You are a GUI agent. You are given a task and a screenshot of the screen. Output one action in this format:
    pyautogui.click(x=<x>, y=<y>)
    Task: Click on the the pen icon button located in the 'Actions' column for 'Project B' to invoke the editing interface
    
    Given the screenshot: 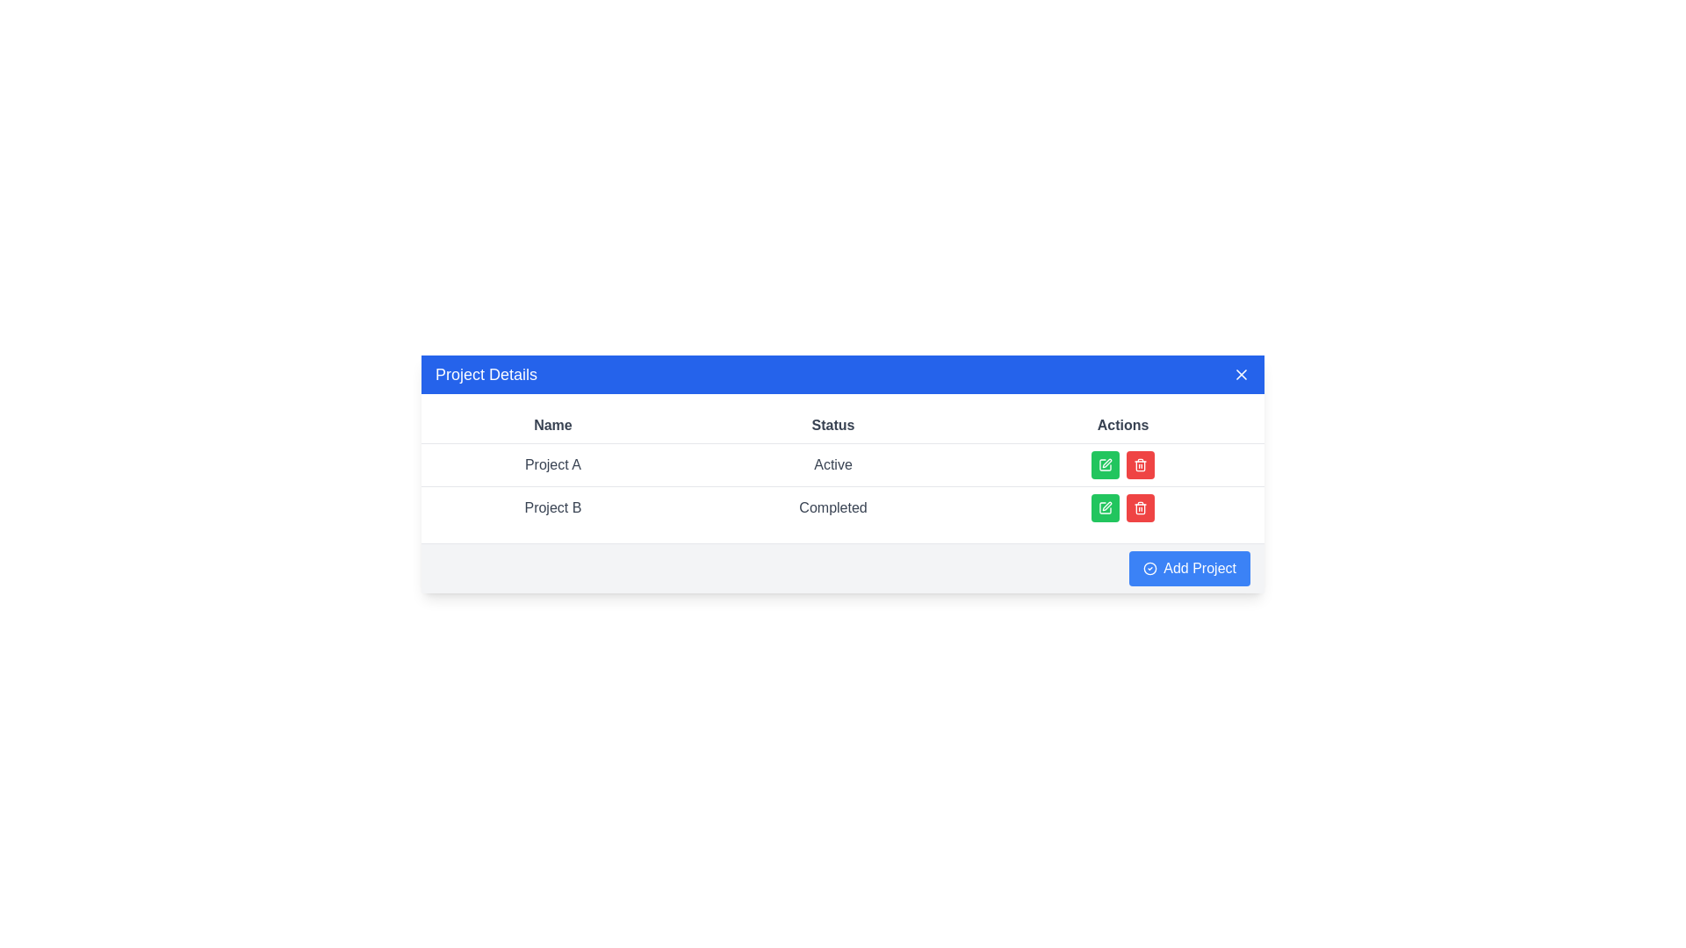 What is the action you would take?
    pyautogui.click(x=1104, y=507)
    